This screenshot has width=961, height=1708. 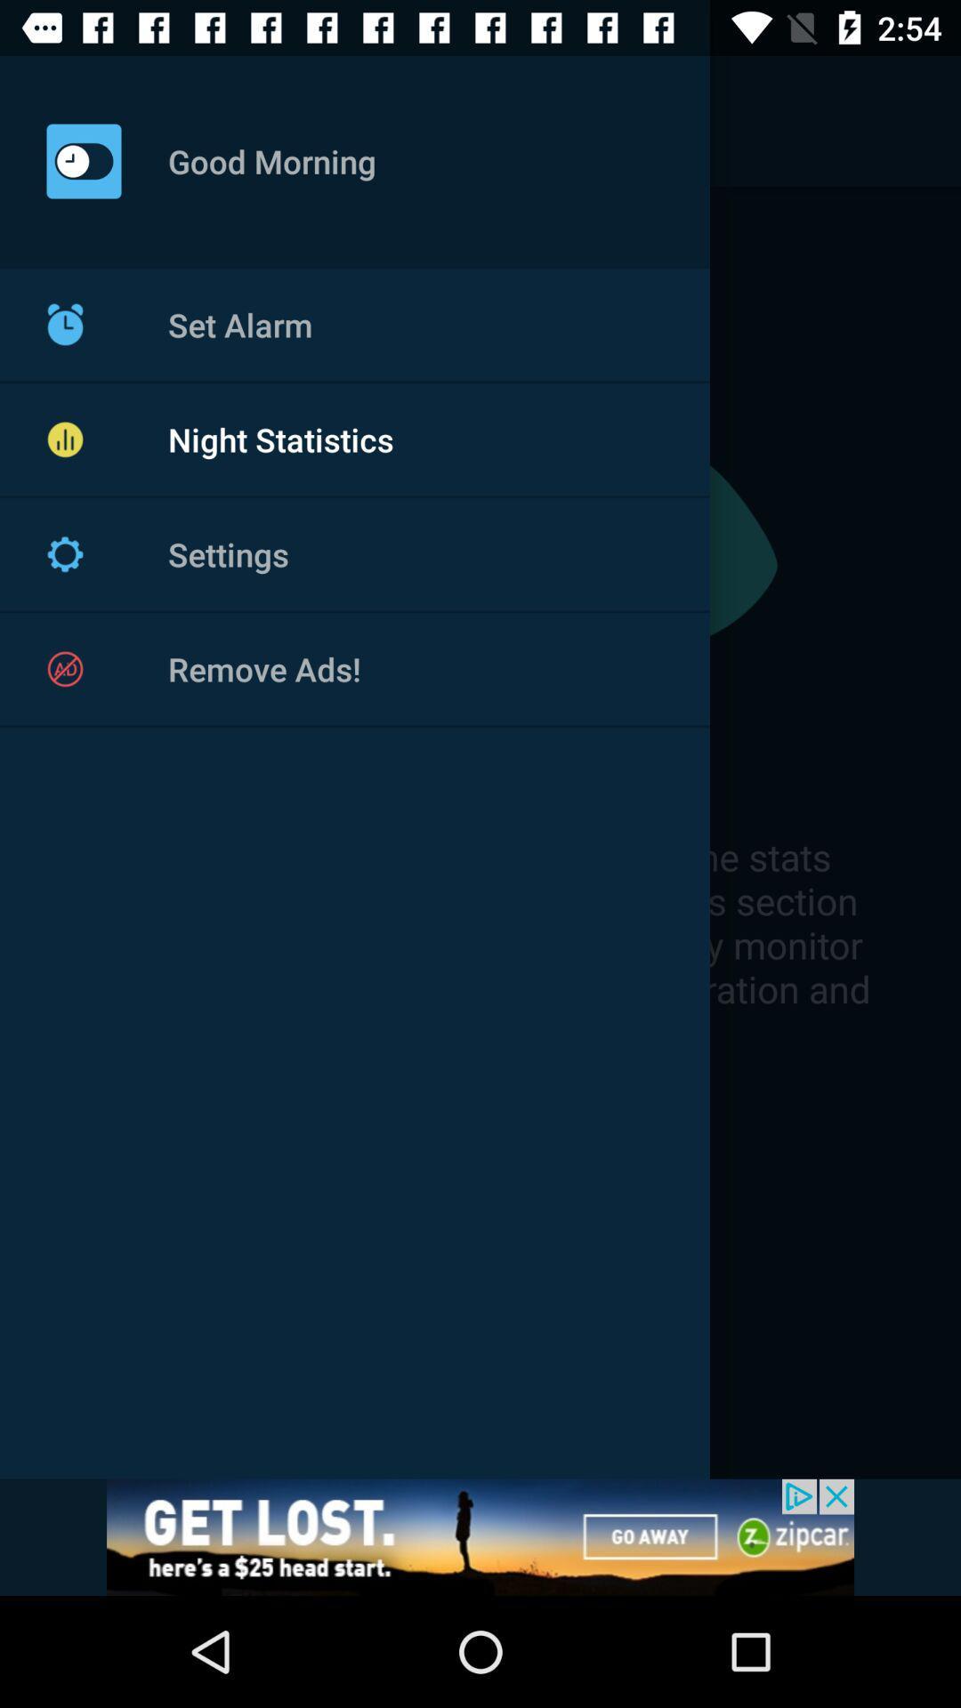 What do you see at coordinates (64, 668) in the screenshot?
I see `the remove ads icon` at bounding box center [64, 668].